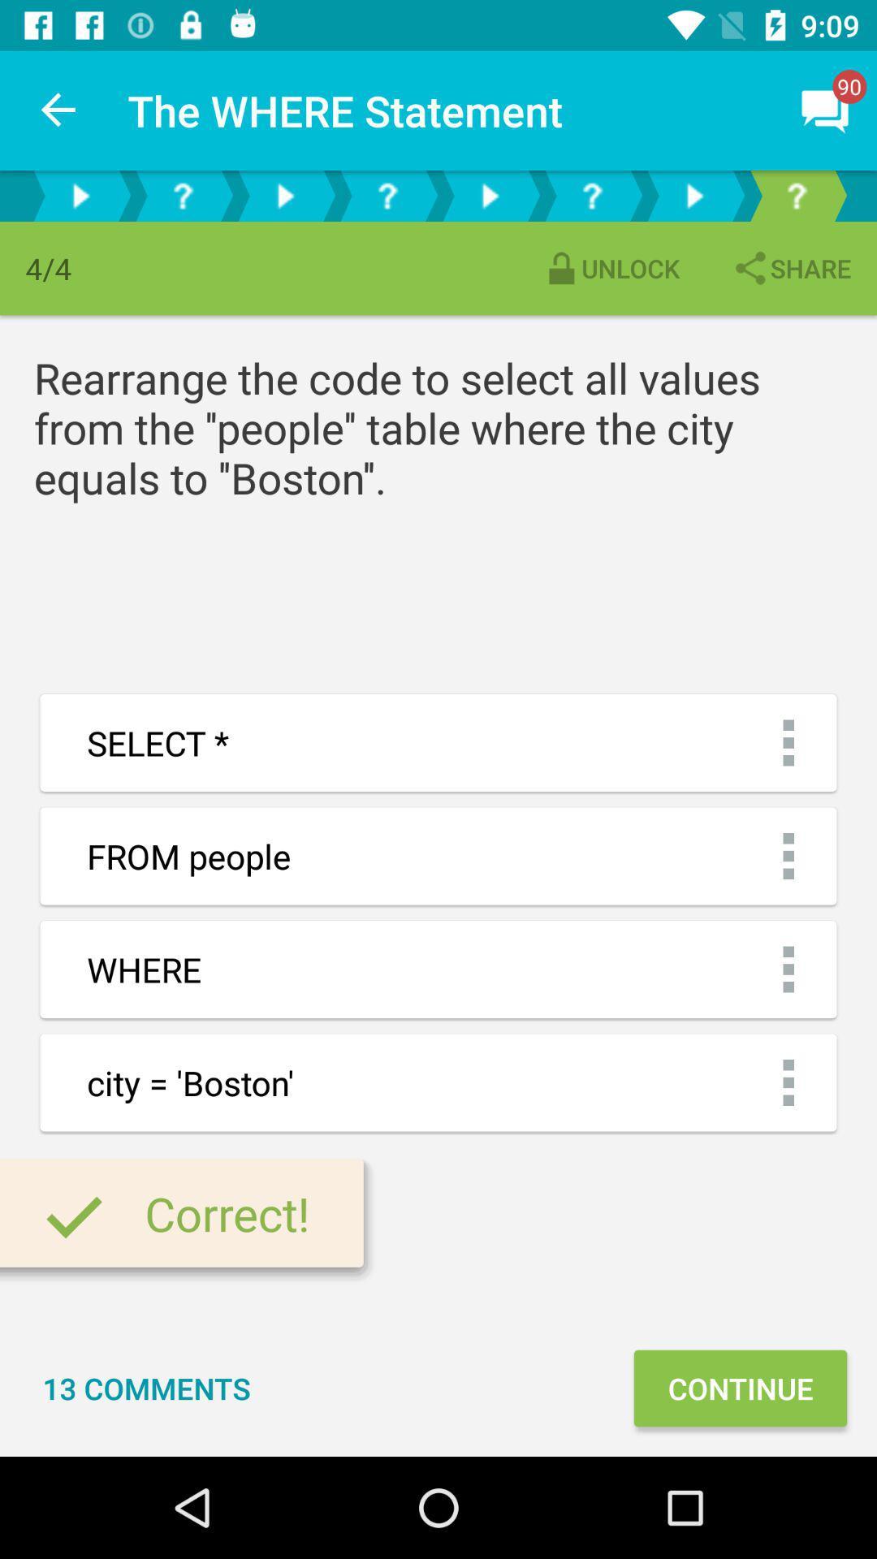 The image size is (877, 1559). I want to click on icon next to the 13 comments item, so click(740, 1387).